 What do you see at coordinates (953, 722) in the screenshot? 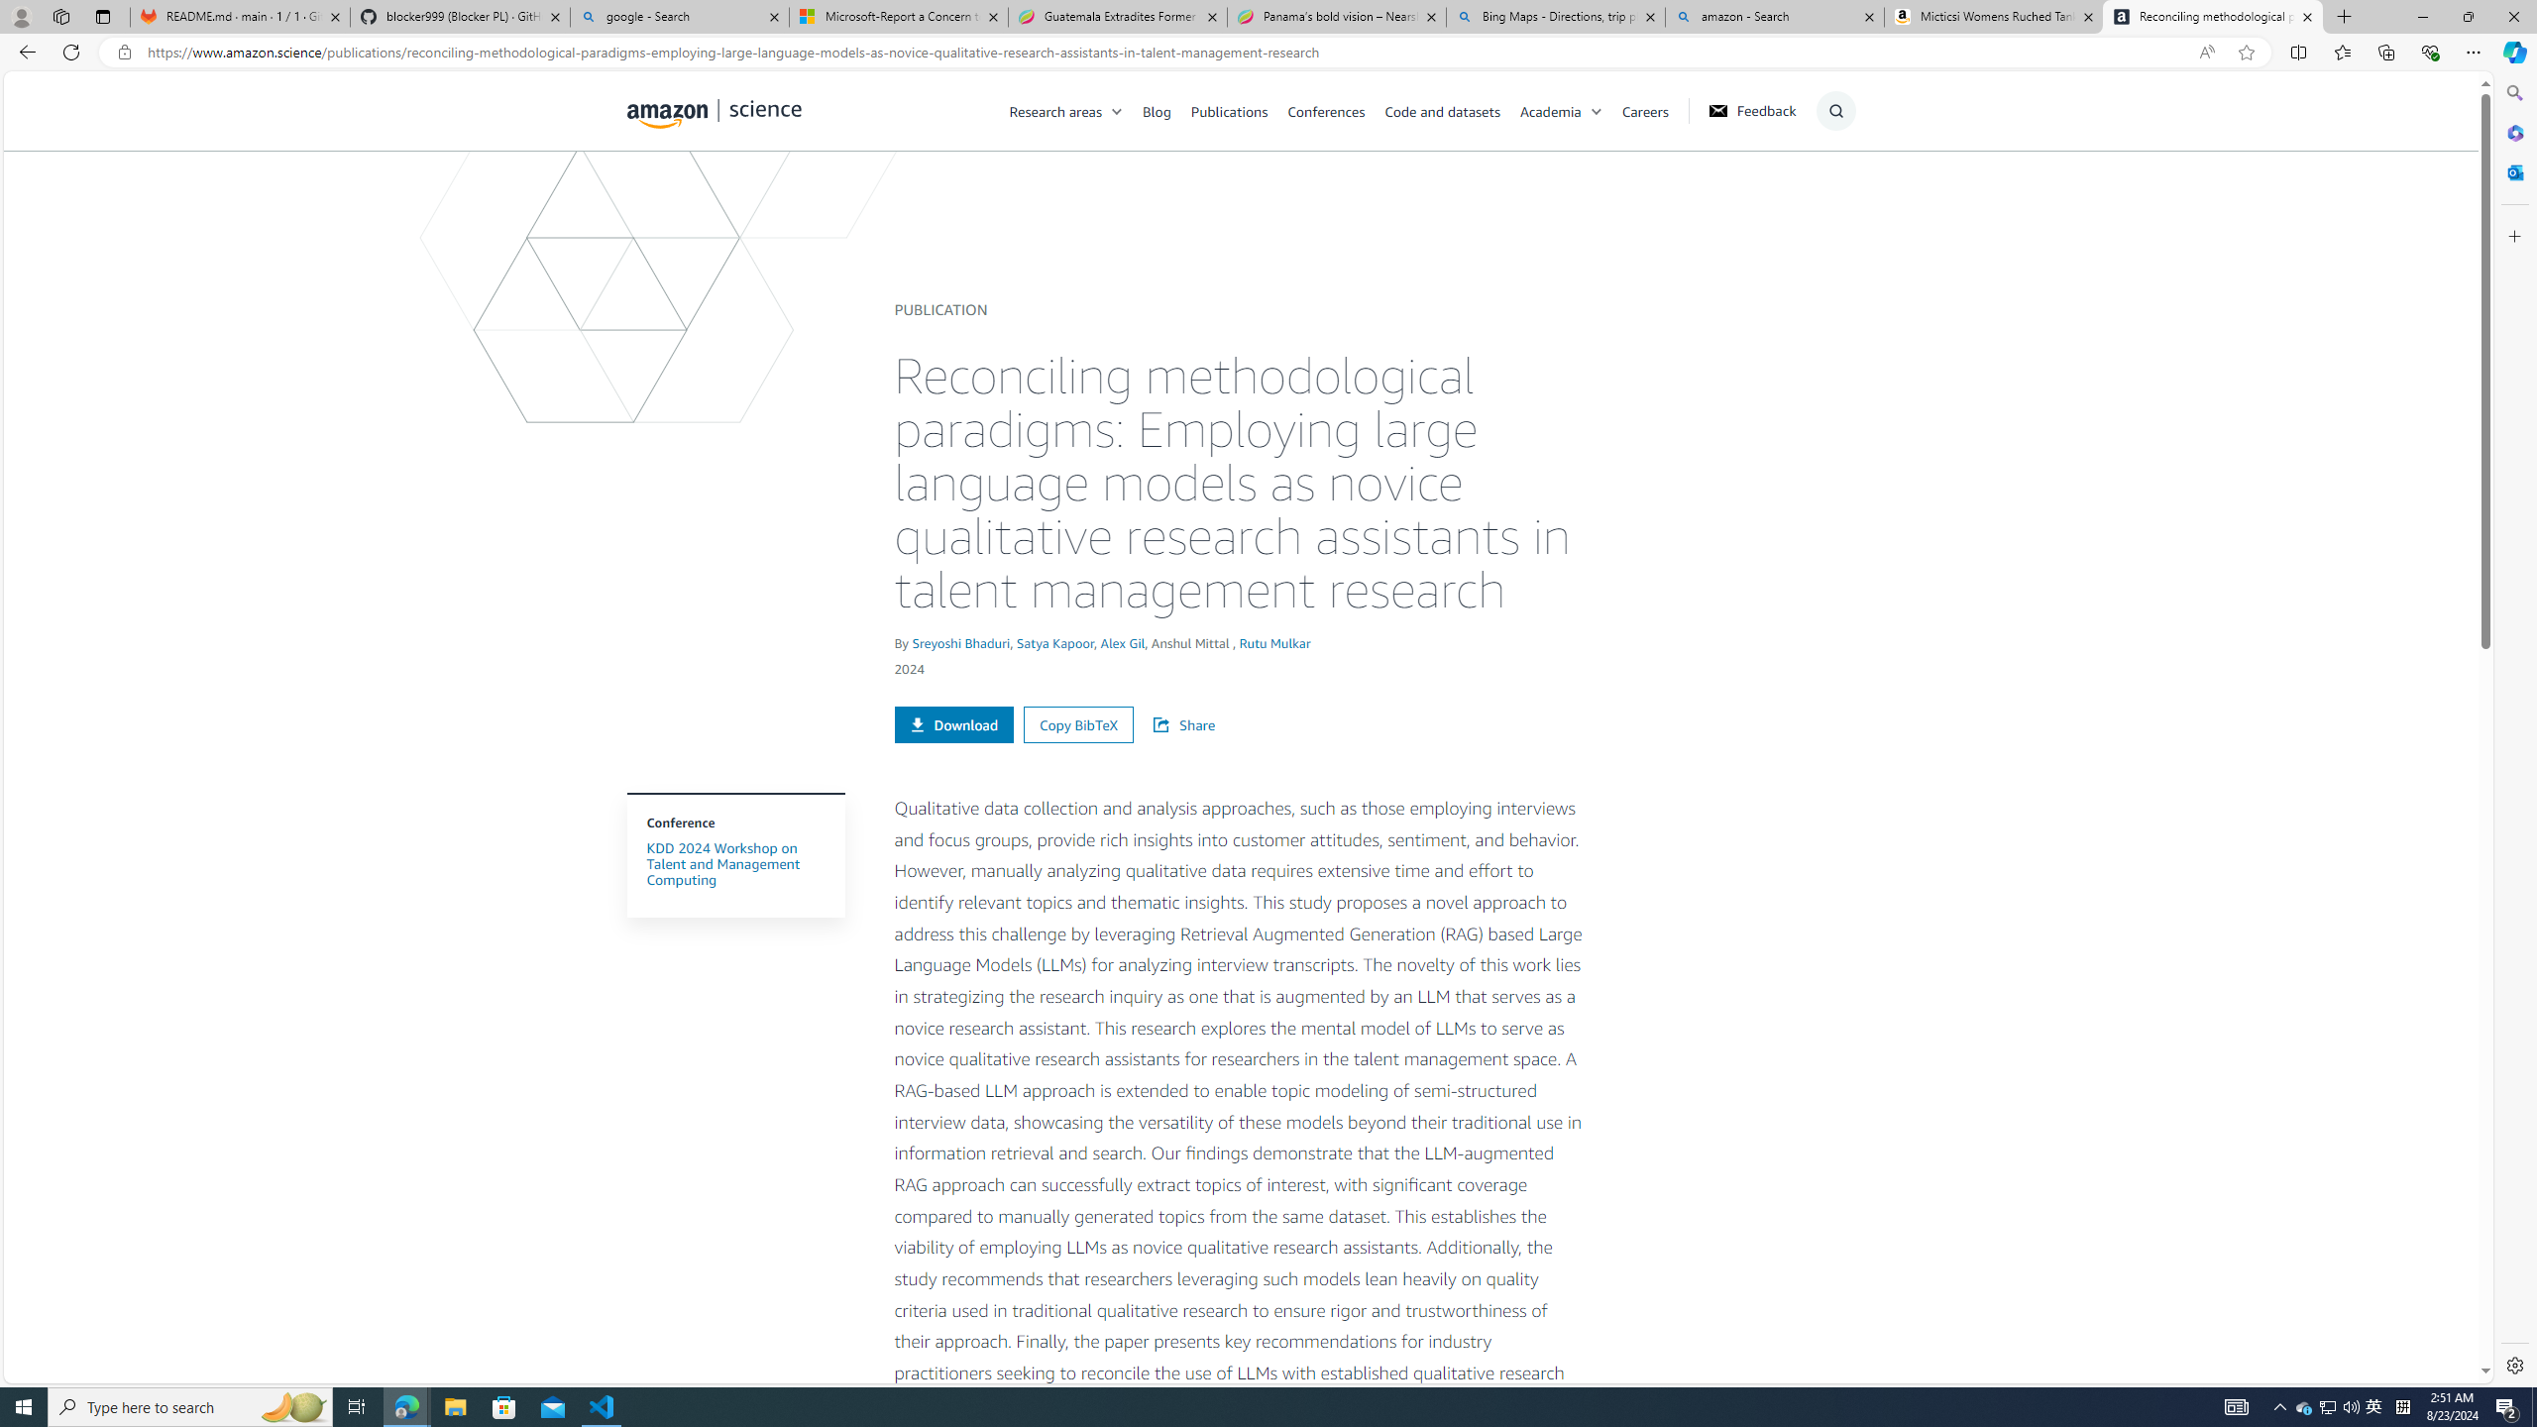
I see `'Download'` at bounding box center [953, 722].